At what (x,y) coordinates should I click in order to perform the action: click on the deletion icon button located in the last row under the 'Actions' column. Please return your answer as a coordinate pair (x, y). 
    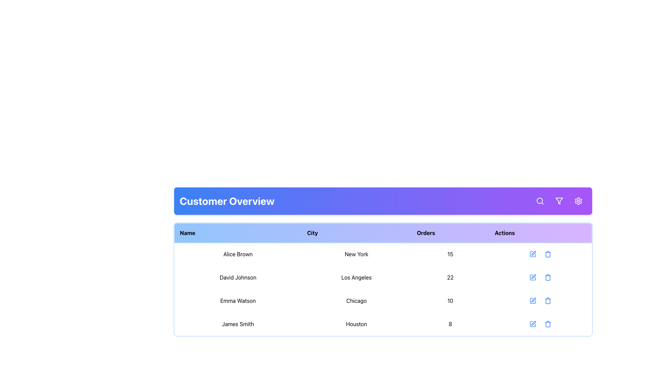
    Looking at the image, I should click on (547, 324).